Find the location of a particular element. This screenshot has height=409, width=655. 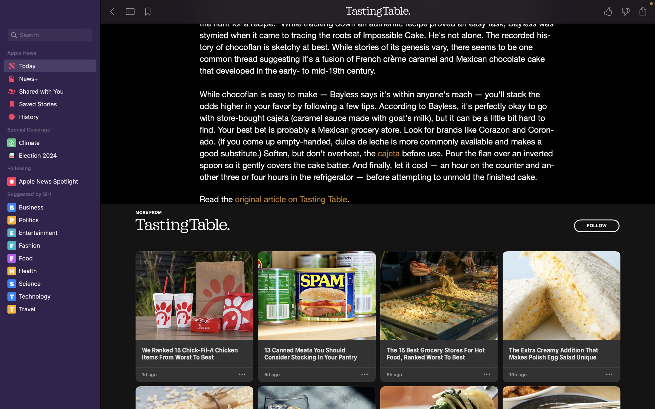

Share the current story to Twitter is located at coordinates (644, 11).